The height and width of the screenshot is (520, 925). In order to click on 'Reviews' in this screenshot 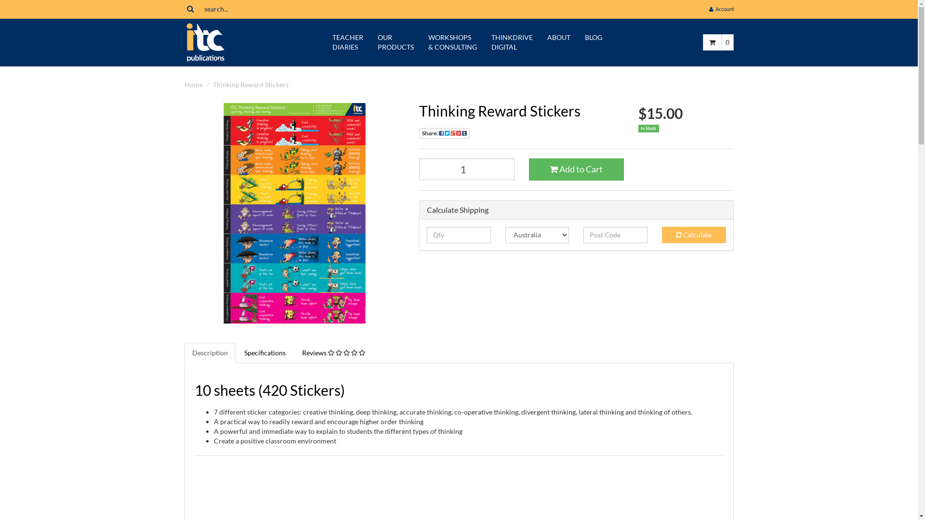, I will do `click(333, 352)`.